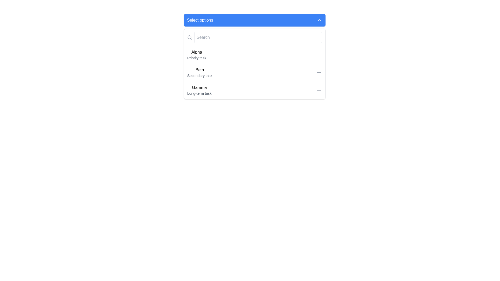  Describe the element at coordinates (199, 70) in the screenshot. I see `the 'Beta' text label, which is the second item in the dropdown list, distinctively styled in bold font and positioned above the 'Gamma' item` at that location.